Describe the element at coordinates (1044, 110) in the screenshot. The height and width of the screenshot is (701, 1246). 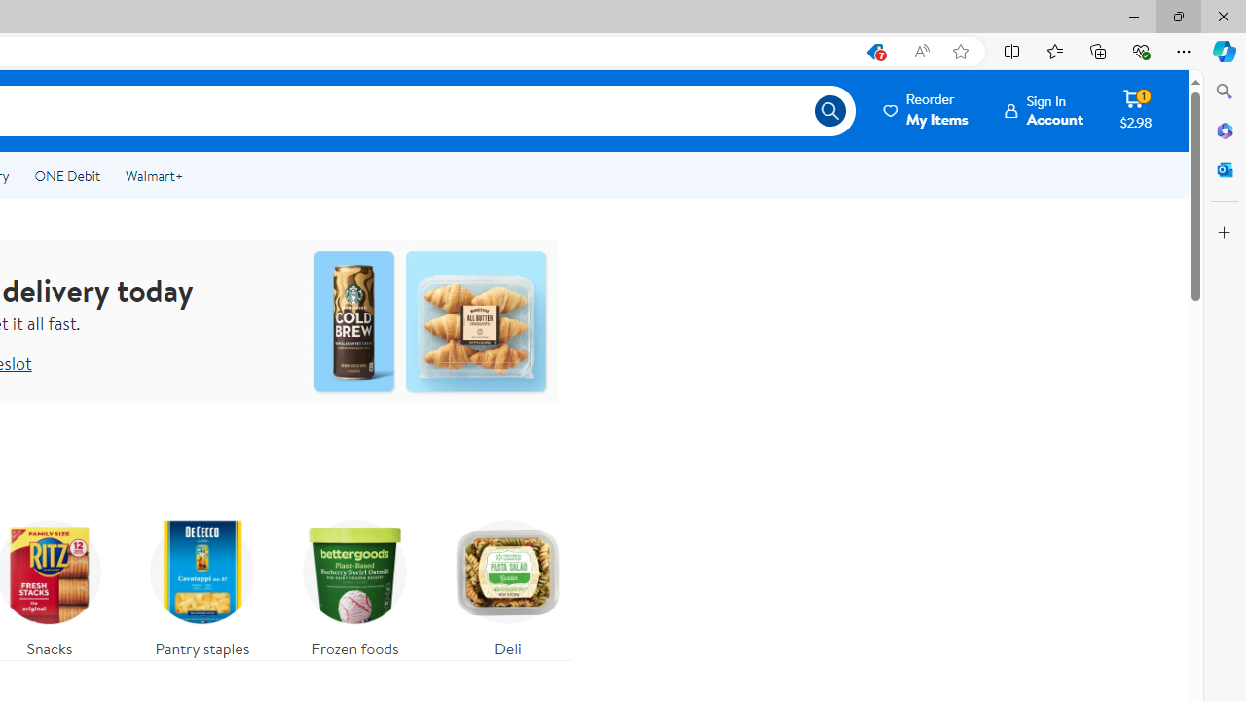
I see `'Sign In Account'` at that location.